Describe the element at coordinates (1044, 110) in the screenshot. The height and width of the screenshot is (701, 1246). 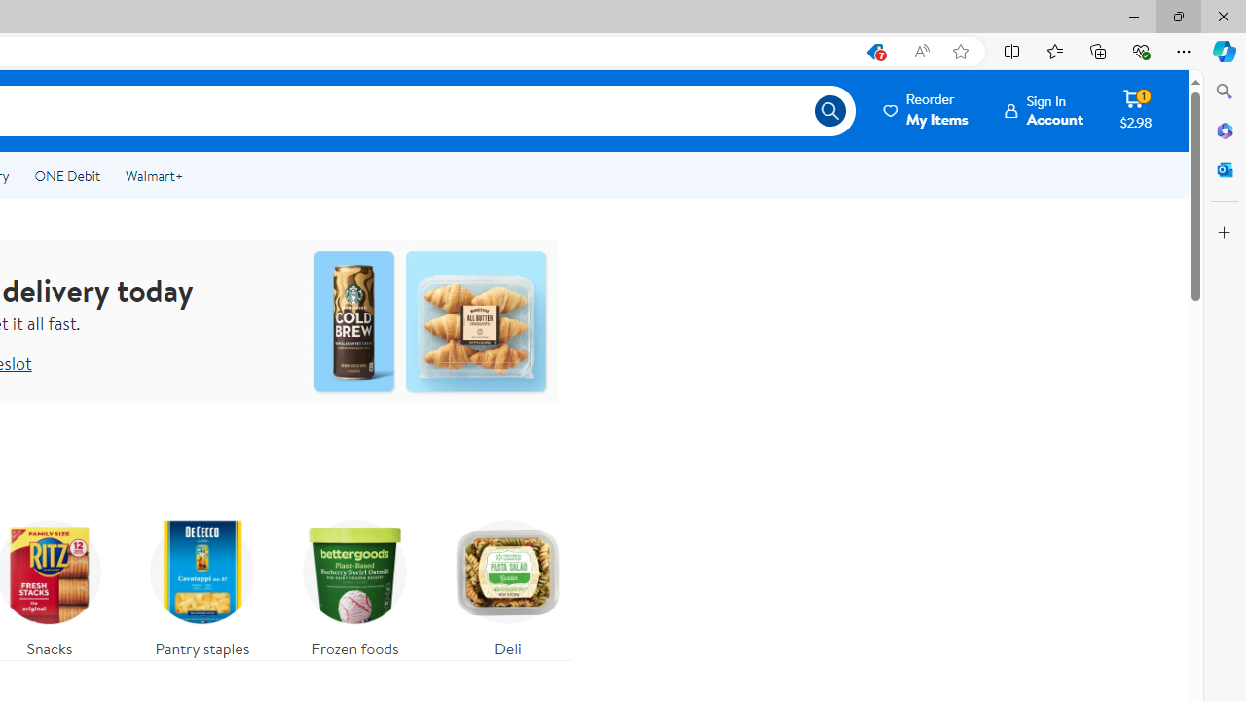
I see `'Sign In Account'` at that location.